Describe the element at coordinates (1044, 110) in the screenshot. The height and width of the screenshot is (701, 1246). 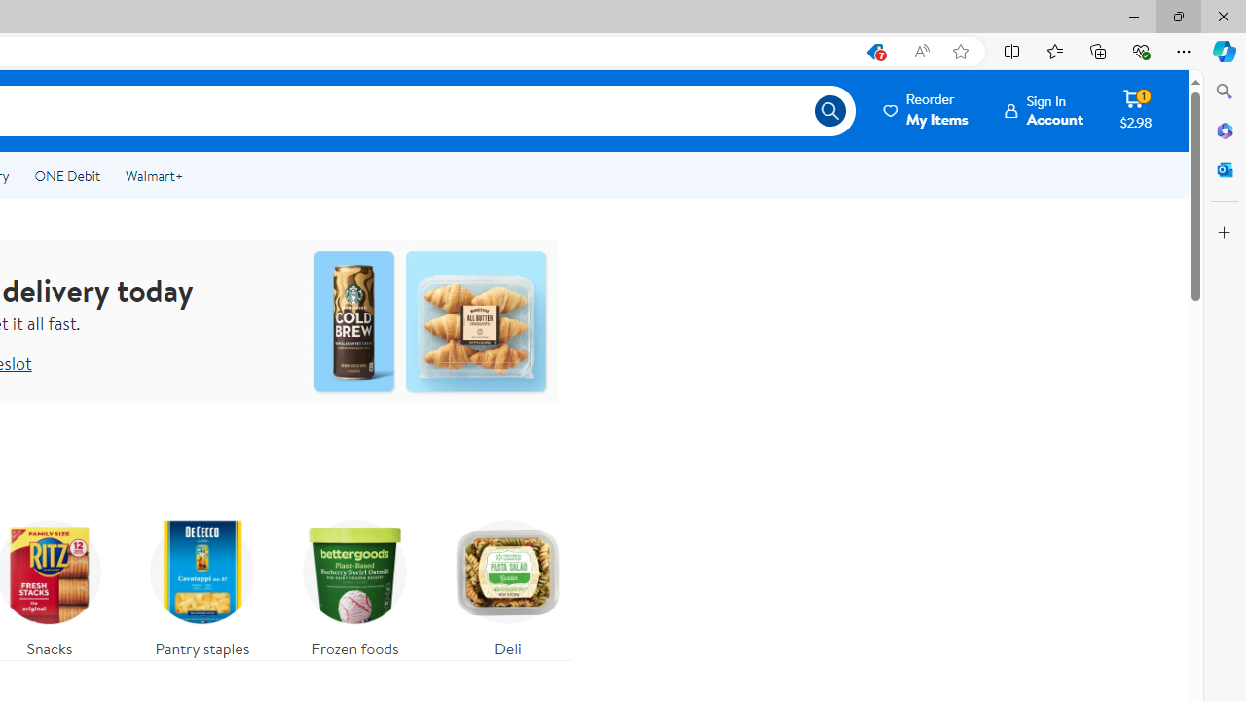
I see `'Sign In Account'` at that location.